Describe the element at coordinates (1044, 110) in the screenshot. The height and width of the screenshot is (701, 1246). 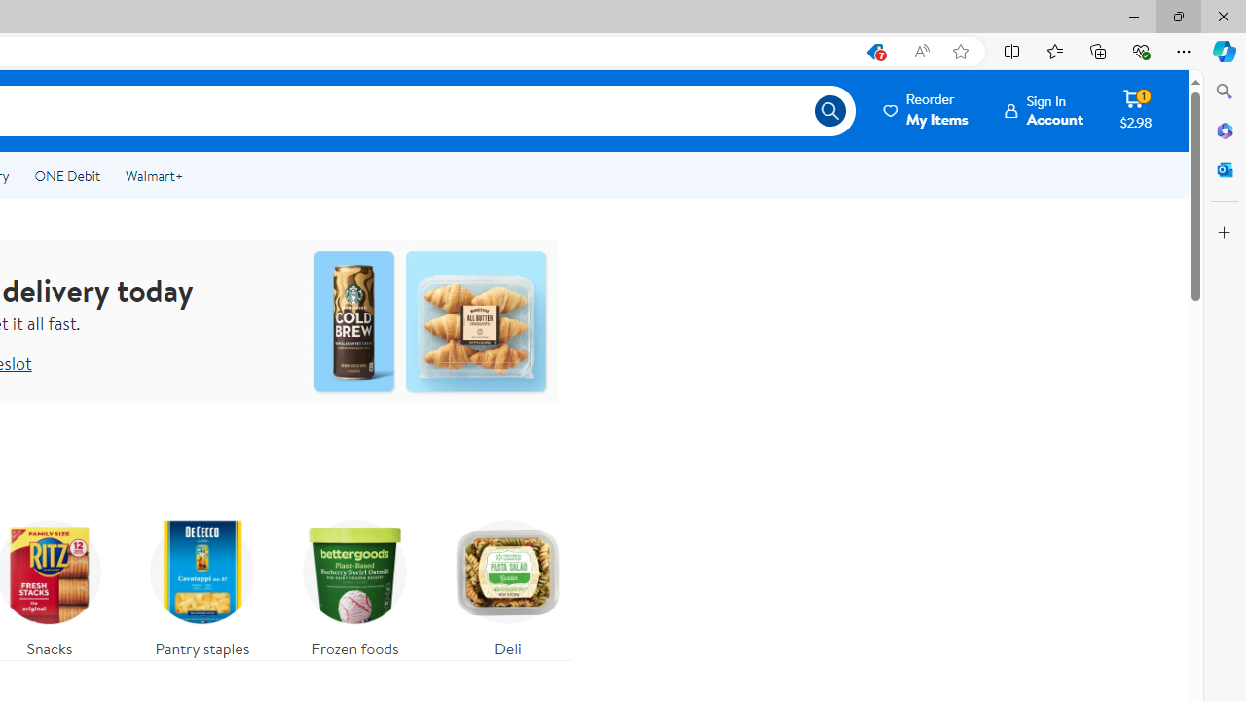
I see `'Sign In Account'` at that location.